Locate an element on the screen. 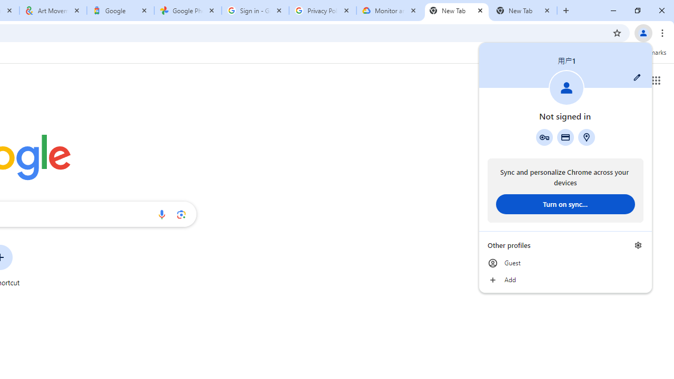 The height and width of the screenshot is (379, 674). 'New Tab' is located at coordinates (523, 11).